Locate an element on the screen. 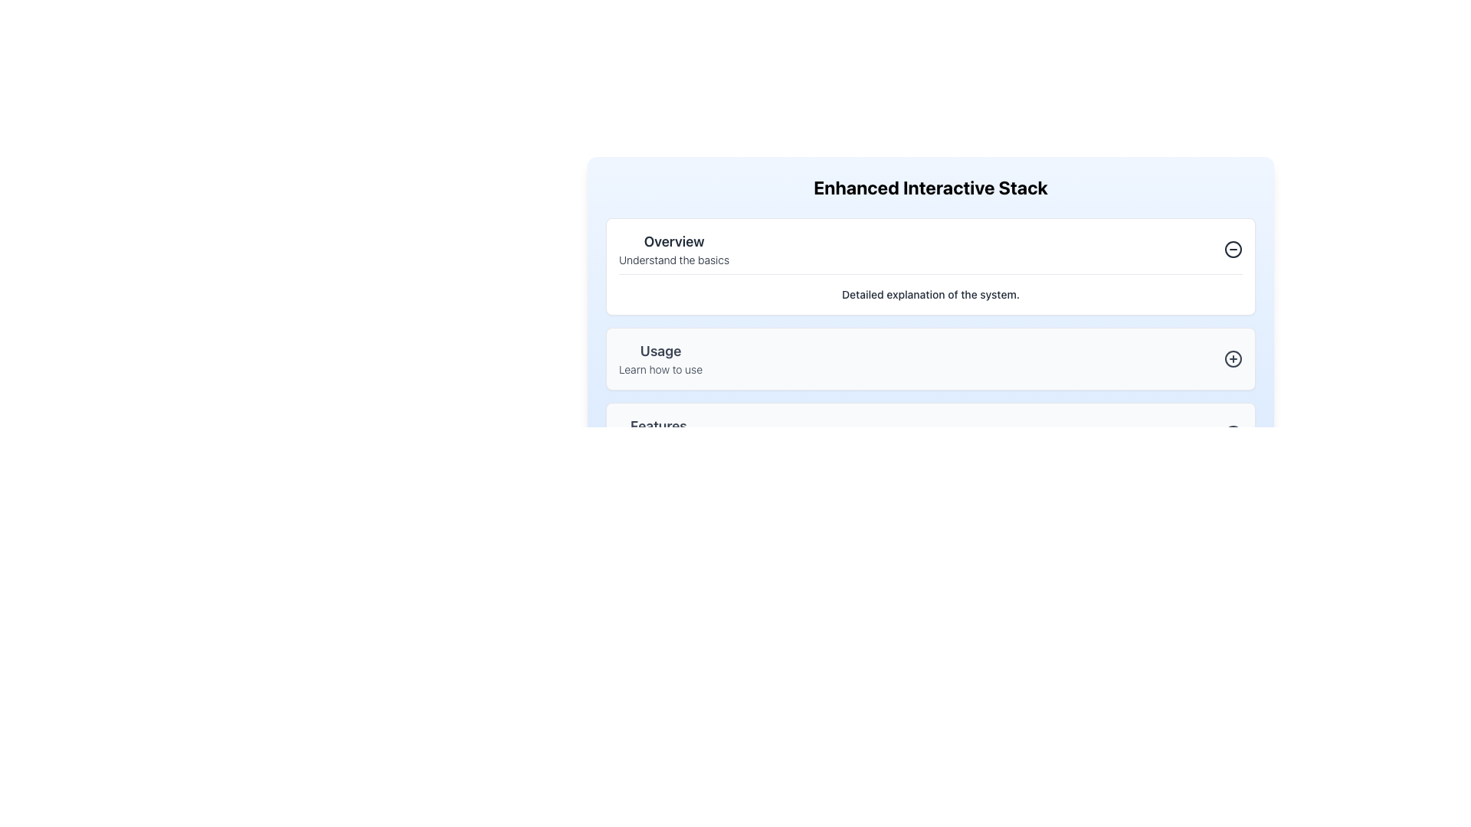  the circular IconButton with a '+' symbol located on the right side of the 'Usage' section is located at coordinates (1233, 359).